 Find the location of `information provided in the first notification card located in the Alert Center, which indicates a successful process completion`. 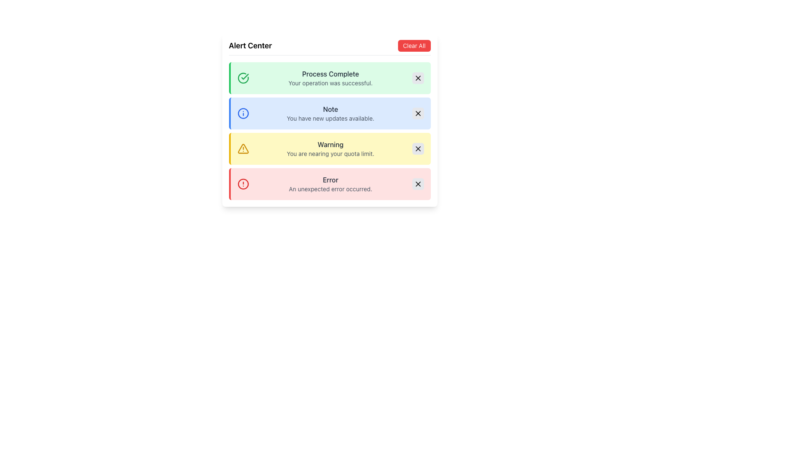

information provided in the first notification card located in the Alert Center, which indicates a successful process completion is located at coordinates (329, 78).